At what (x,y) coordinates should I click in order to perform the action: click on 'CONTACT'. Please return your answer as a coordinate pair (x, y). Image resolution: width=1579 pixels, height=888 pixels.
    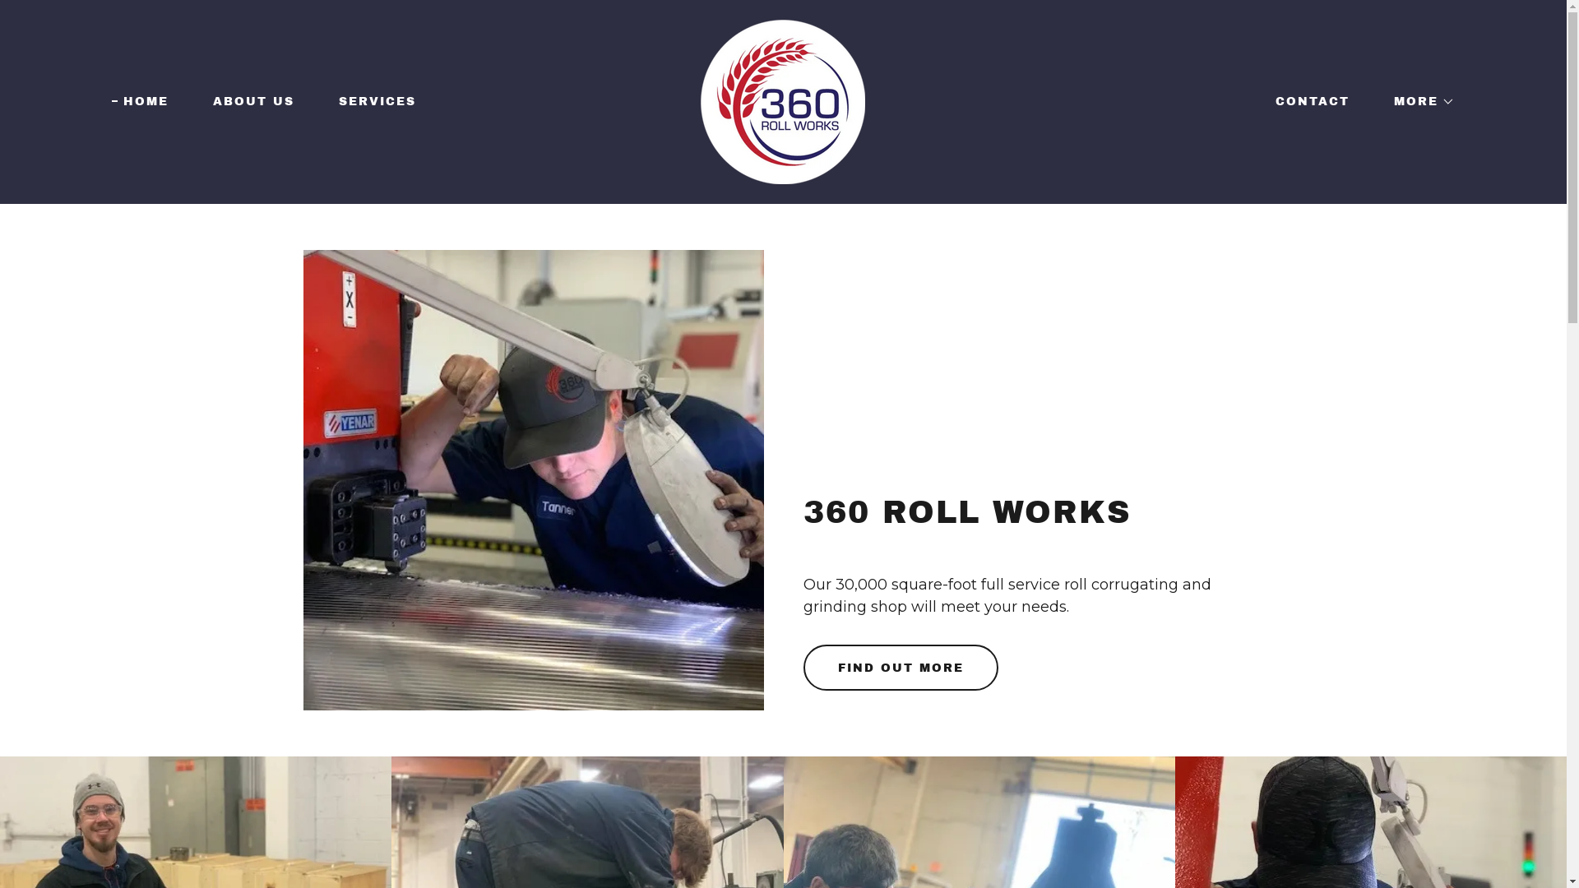
    Looking at the image, I should click on (1305, 101).